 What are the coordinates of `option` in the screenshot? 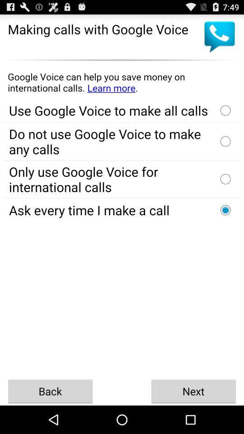 It's located at (225, 141).